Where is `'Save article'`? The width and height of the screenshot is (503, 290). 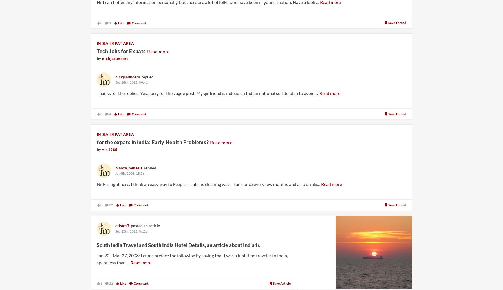 'Save article' is located at coordinates (282, 283).